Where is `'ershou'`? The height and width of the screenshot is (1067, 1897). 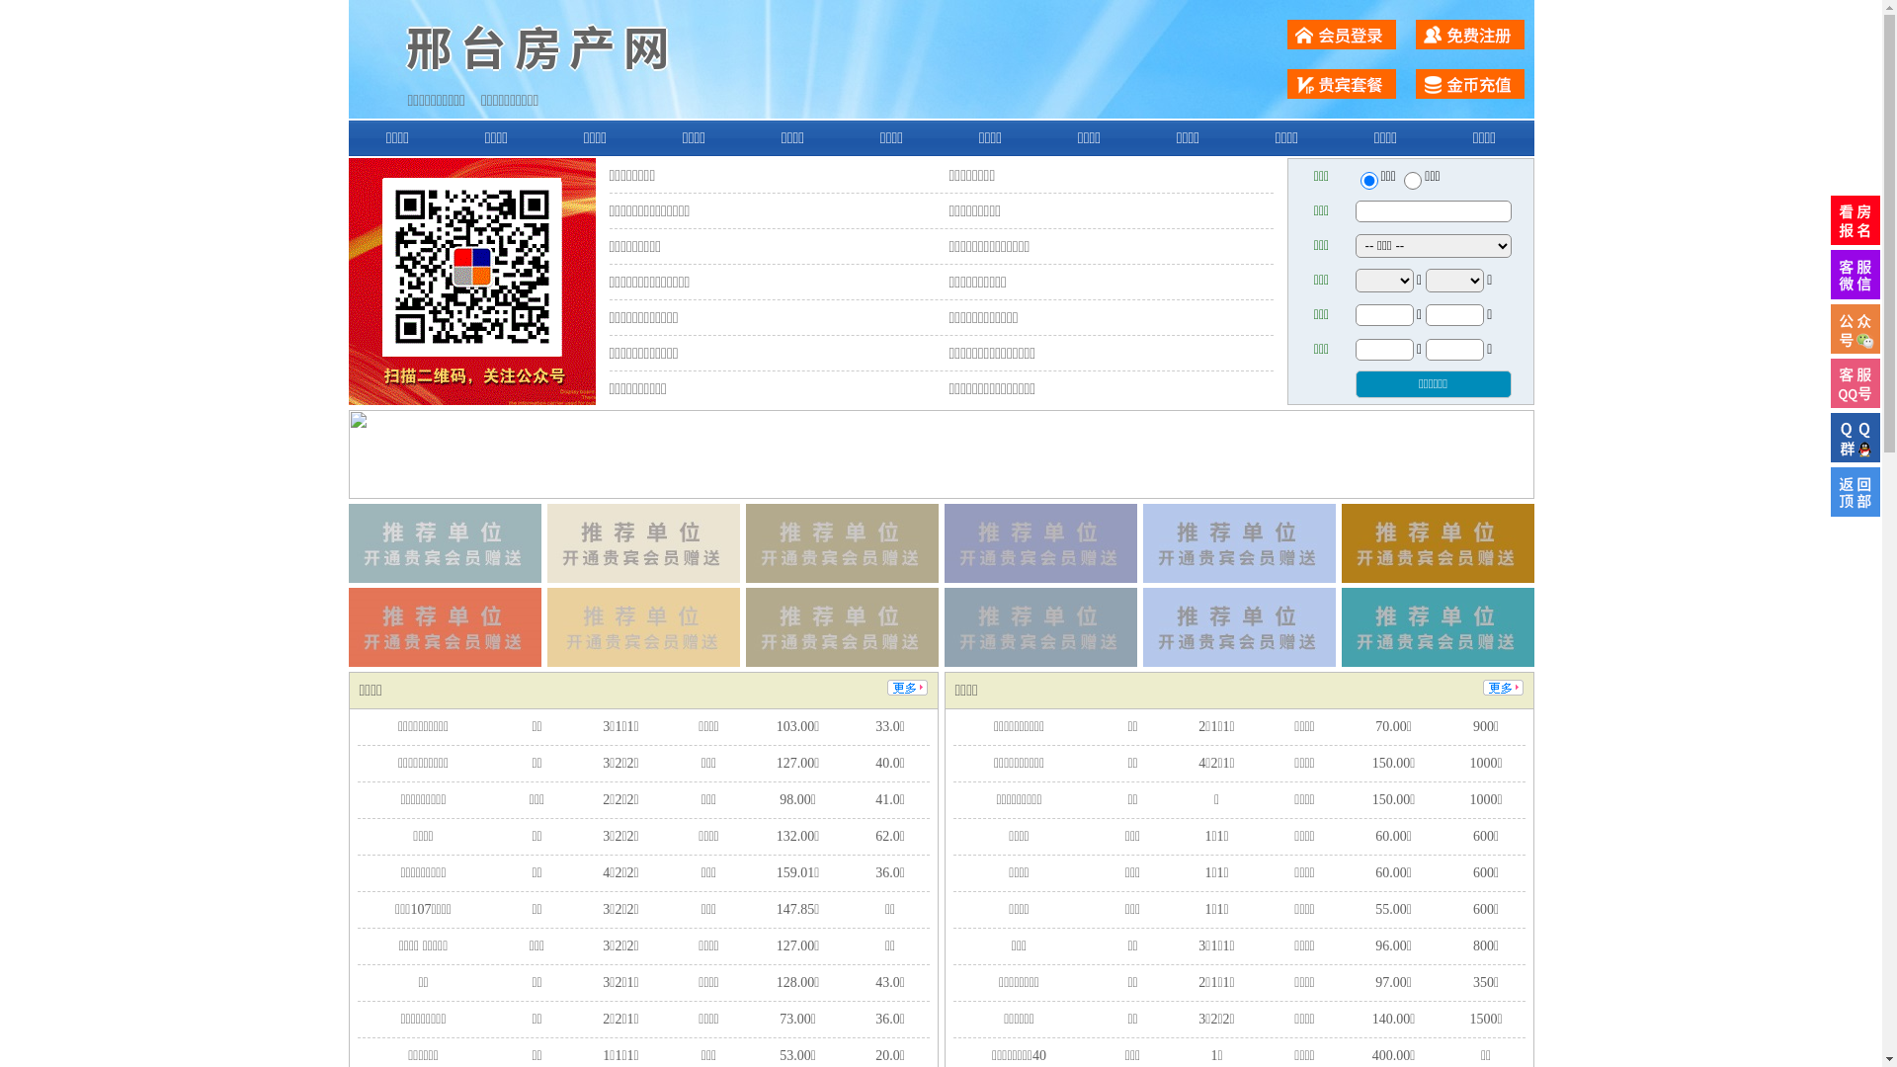 'ershou' is located at coordinates (1367, 180).